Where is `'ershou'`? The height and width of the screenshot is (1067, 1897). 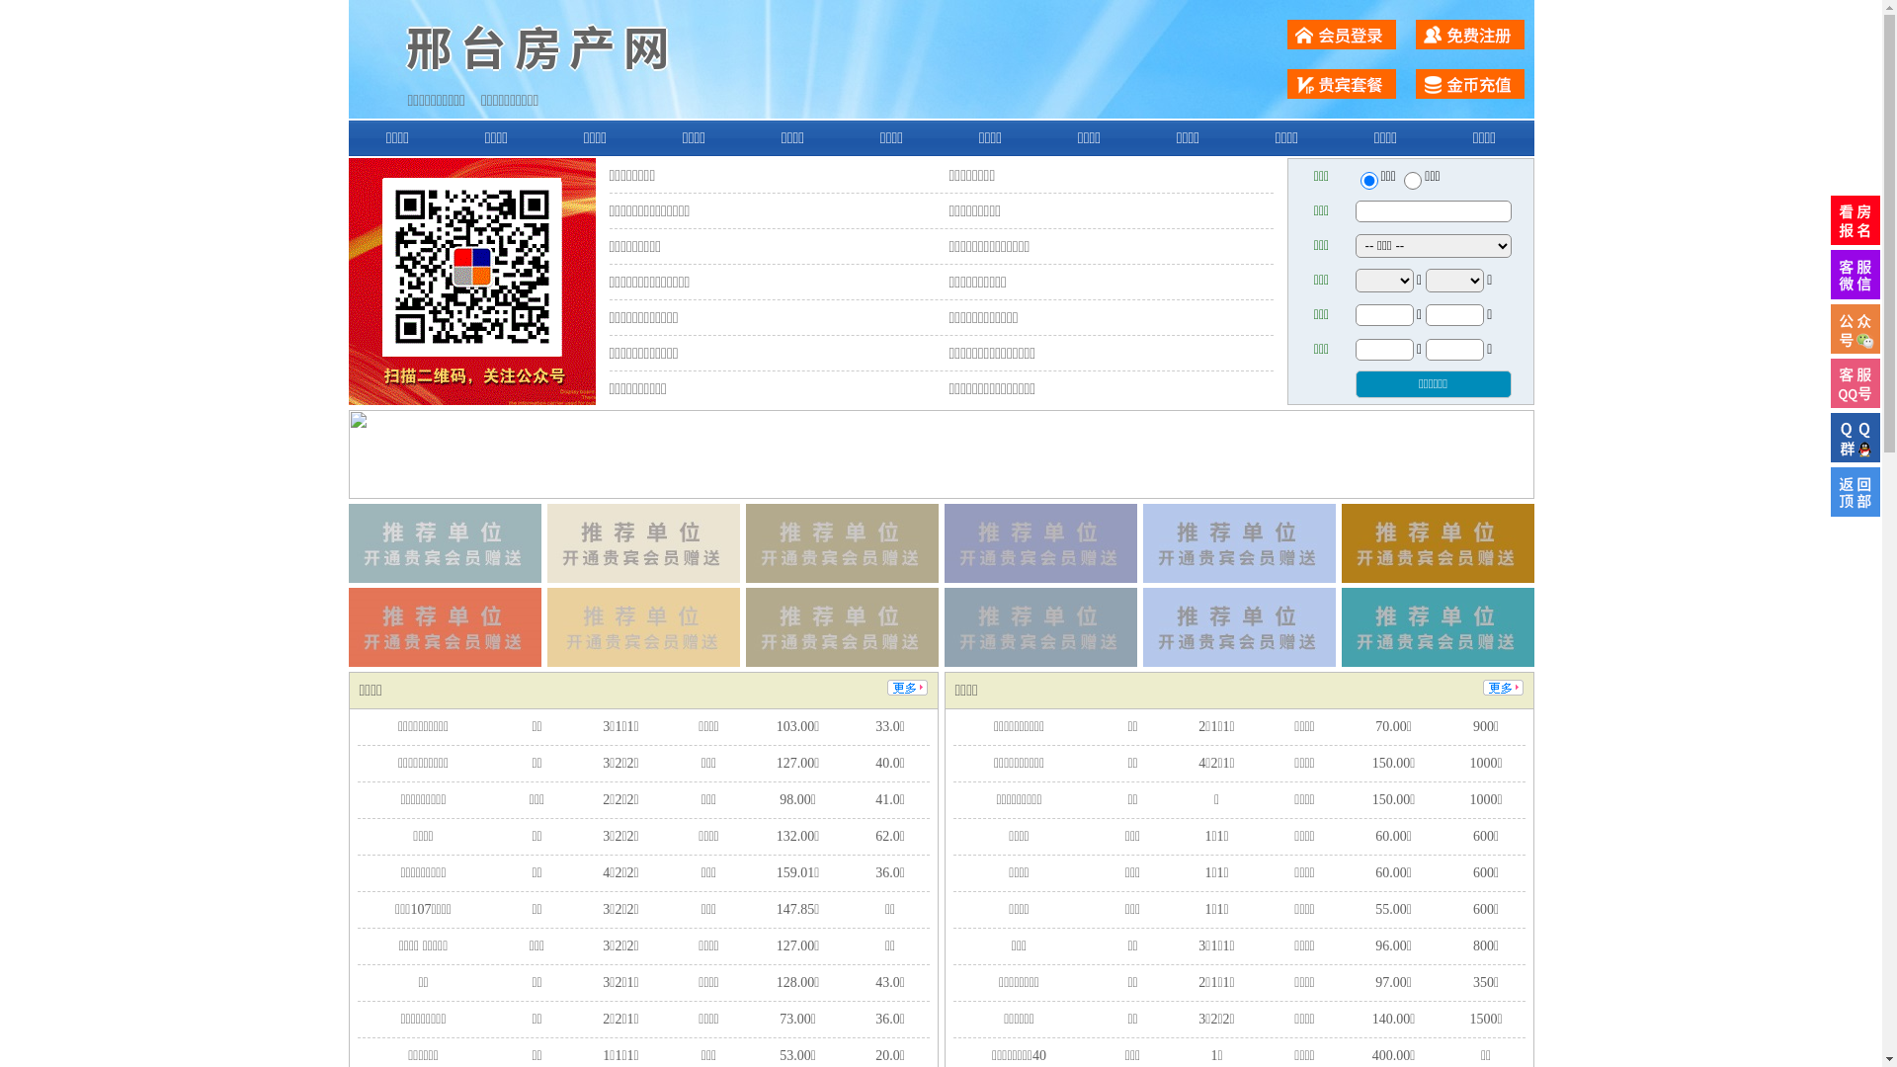 'ershou' is located at coordinates (1367, 180).